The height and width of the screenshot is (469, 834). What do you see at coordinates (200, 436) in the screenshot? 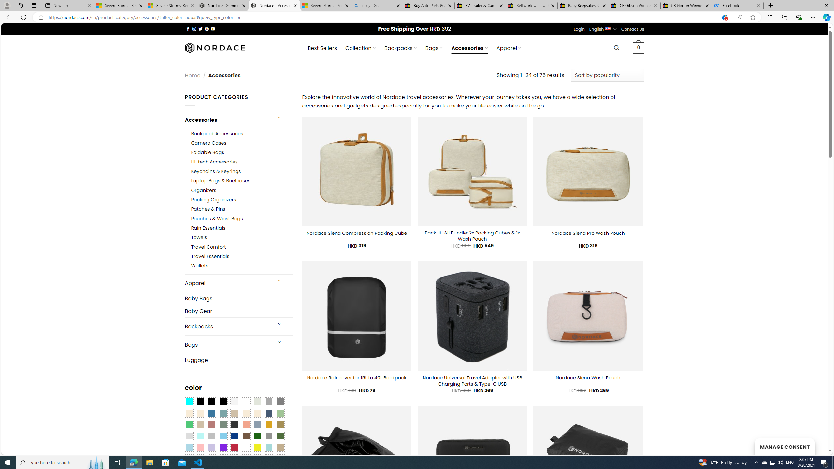
I see `'Mint'` at bounding box center [200, 436].